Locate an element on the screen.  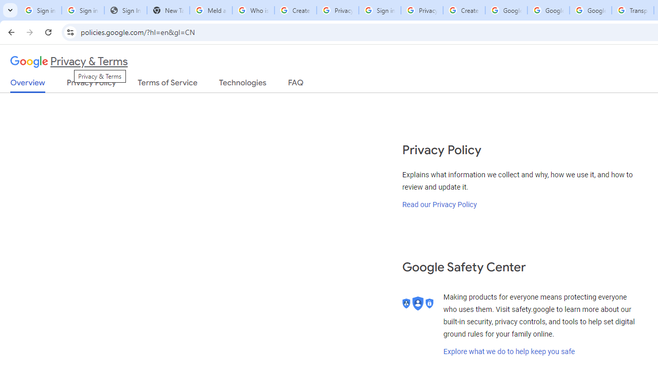
'Terms of Service' is located at coordinates (168, 84).